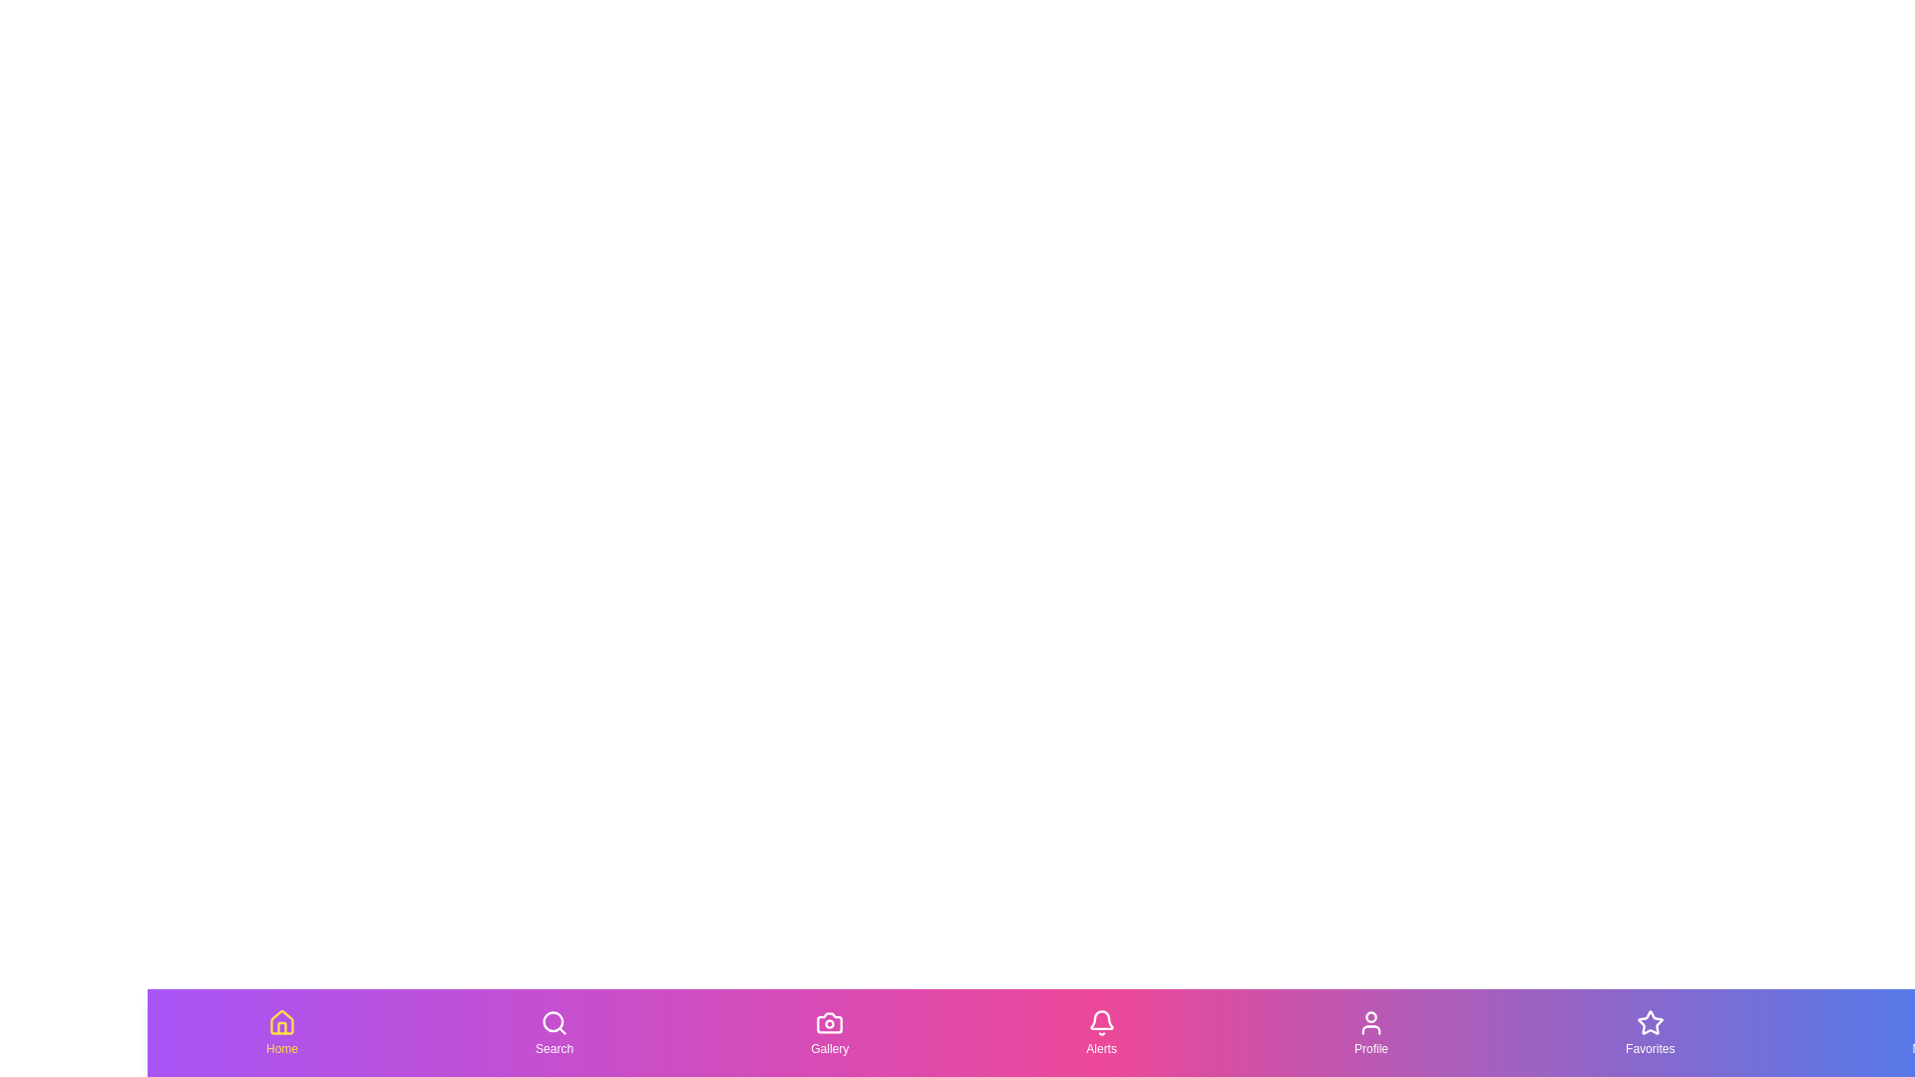  Describe the element at coordinates (830, 1032) in the screenshot. I see `the button labeled Gallery to observe the hover effect` at that location.